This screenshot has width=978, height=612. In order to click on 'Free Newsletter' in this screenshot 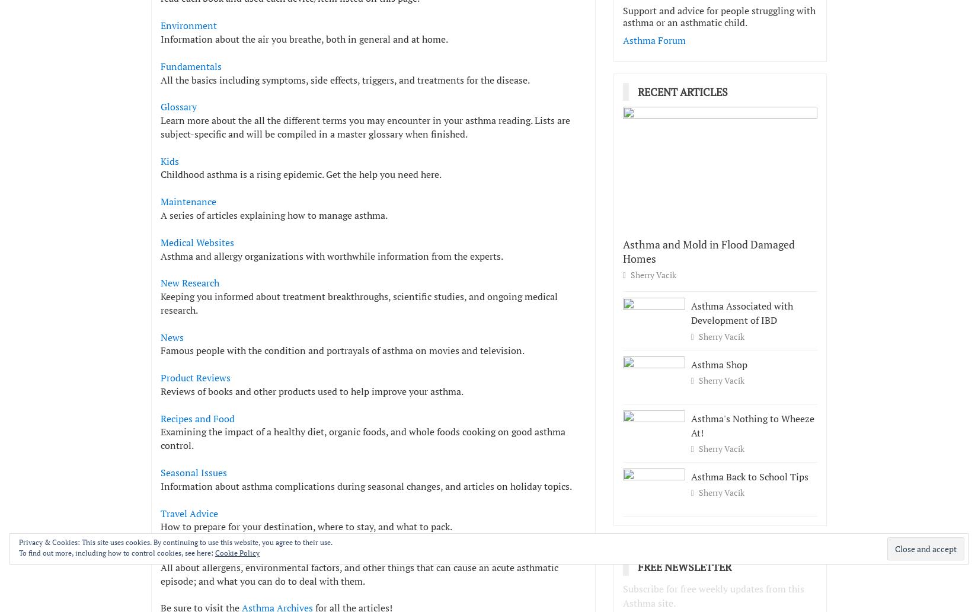, I will do `click(685, 566)`.